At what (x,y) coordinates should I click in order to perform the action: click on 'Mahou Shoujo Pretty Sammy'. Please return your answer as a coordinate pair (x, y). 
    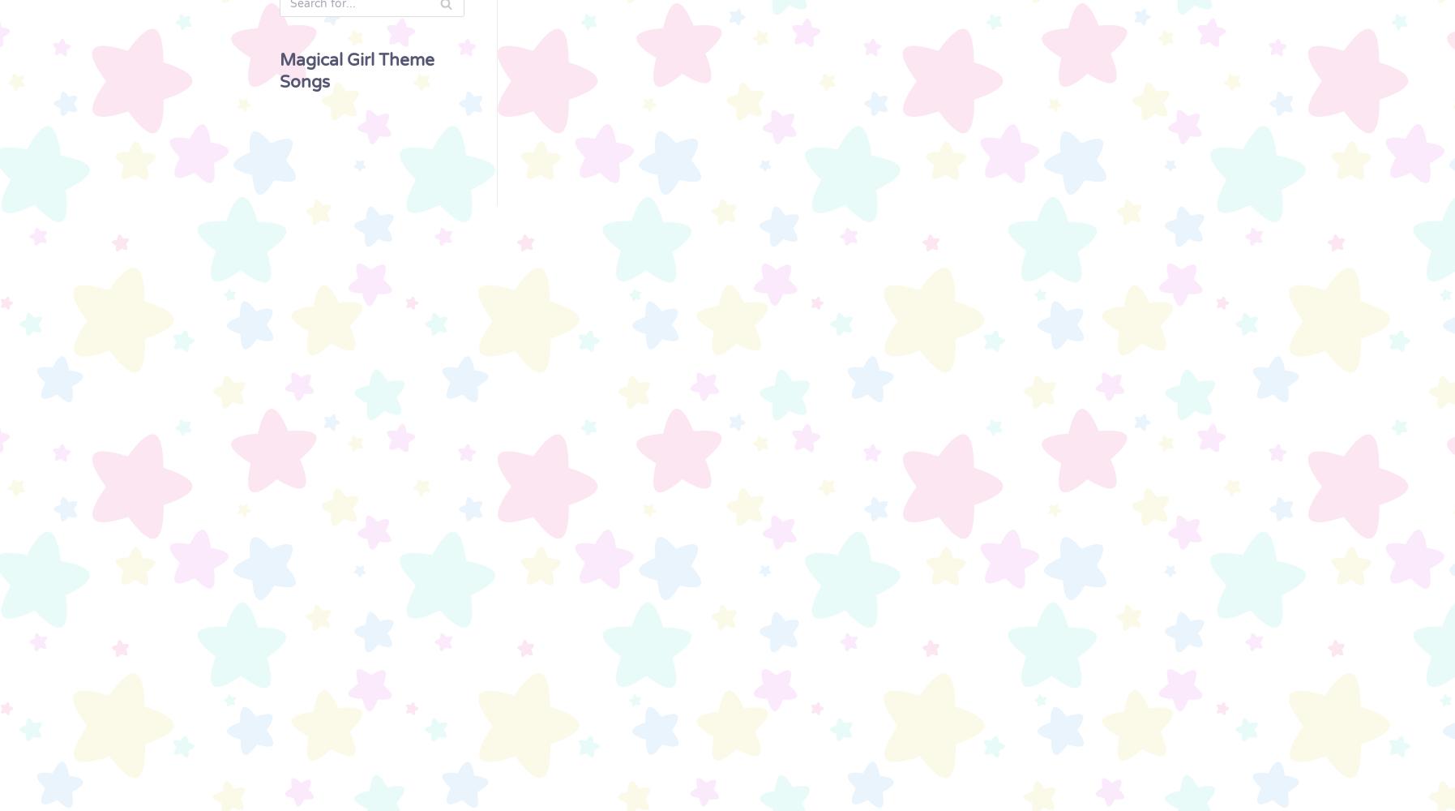
    Looking at the image, I should click on (99, 471).